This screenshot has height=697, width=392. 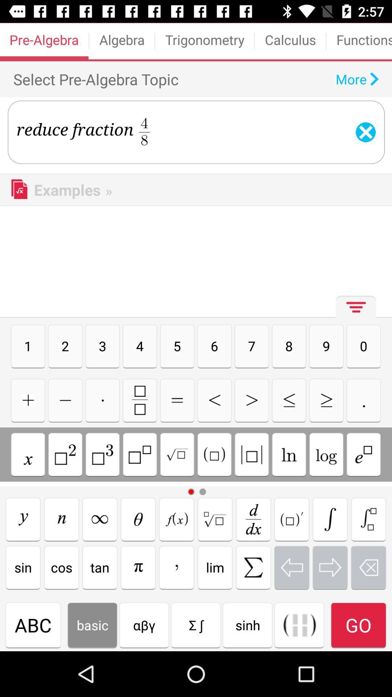 What do you see at coordinates (177, 454) in the screenshot?
I see `square root notation` at bounding box center [177, 454].